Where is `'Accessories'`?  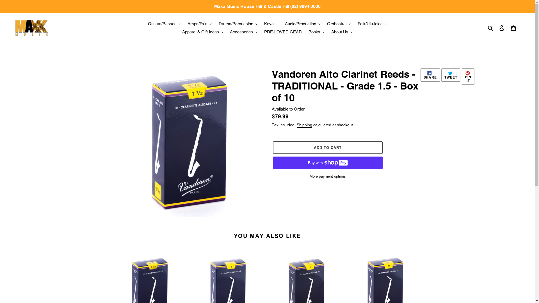
'Accessories' is located at coordinates (244, 32).